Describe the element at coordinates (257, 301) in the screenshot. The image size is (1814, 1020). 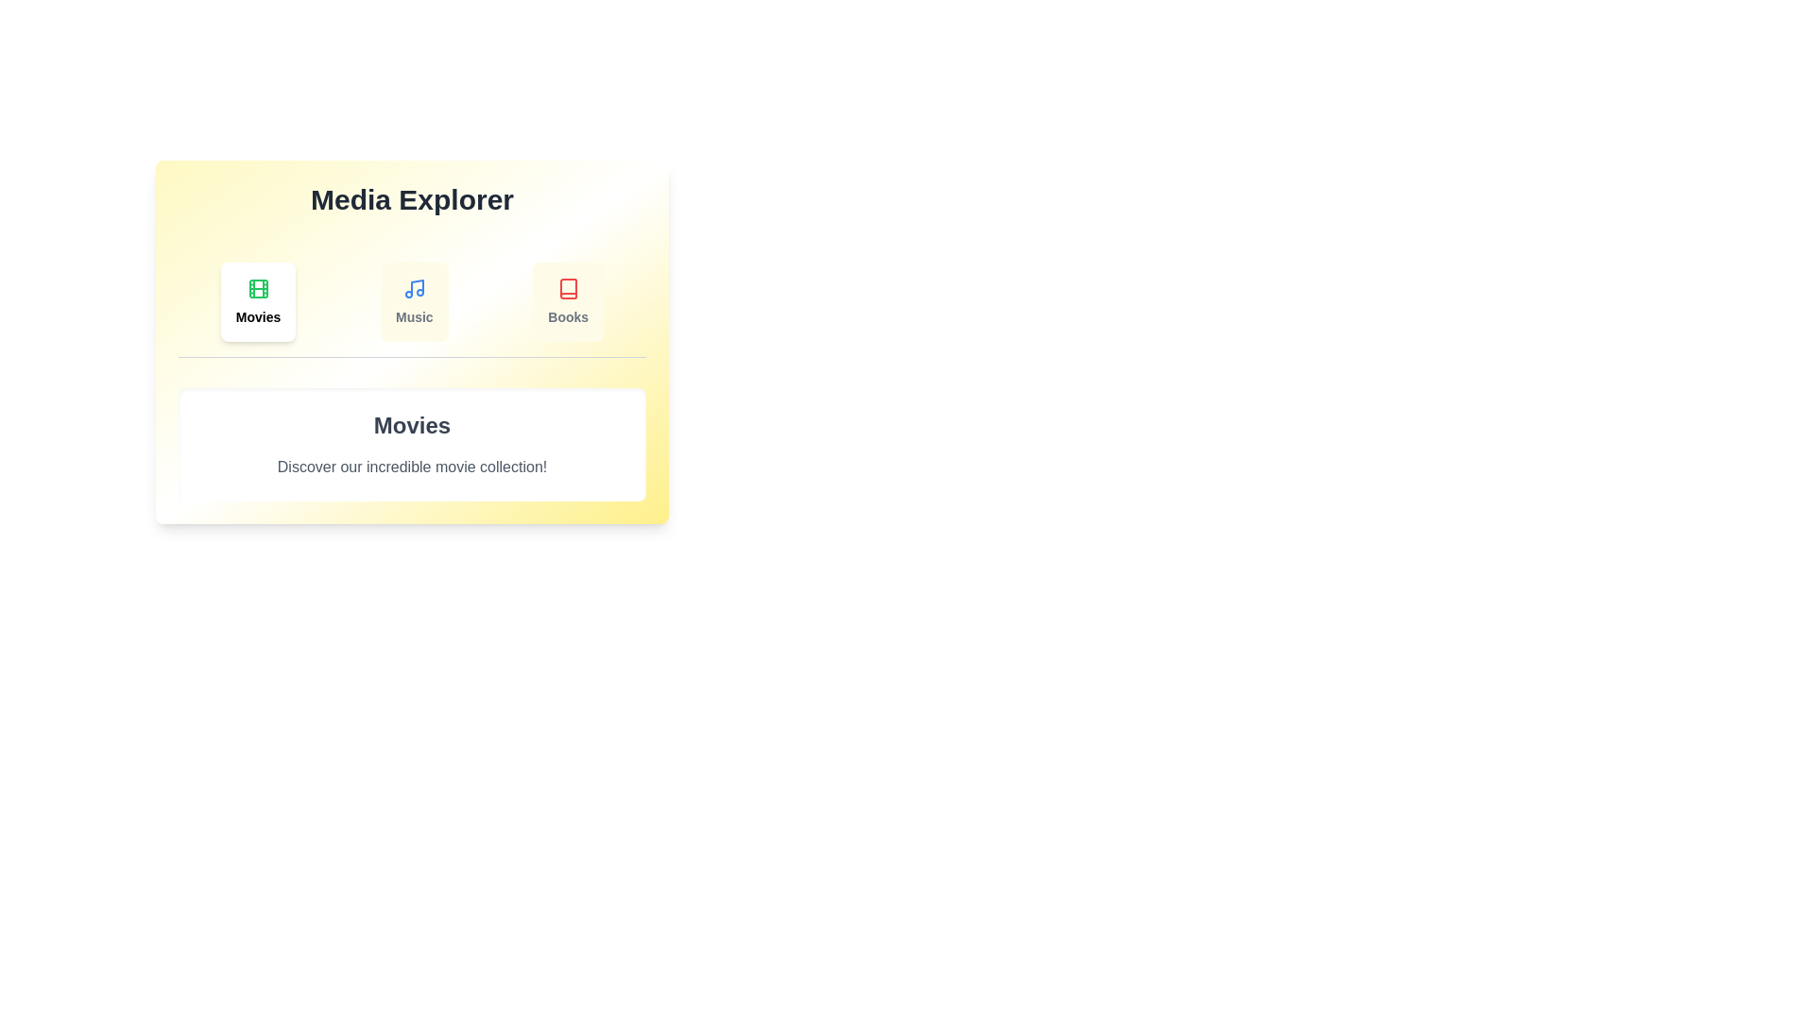
I see `the tab labeled Movies` at that location.